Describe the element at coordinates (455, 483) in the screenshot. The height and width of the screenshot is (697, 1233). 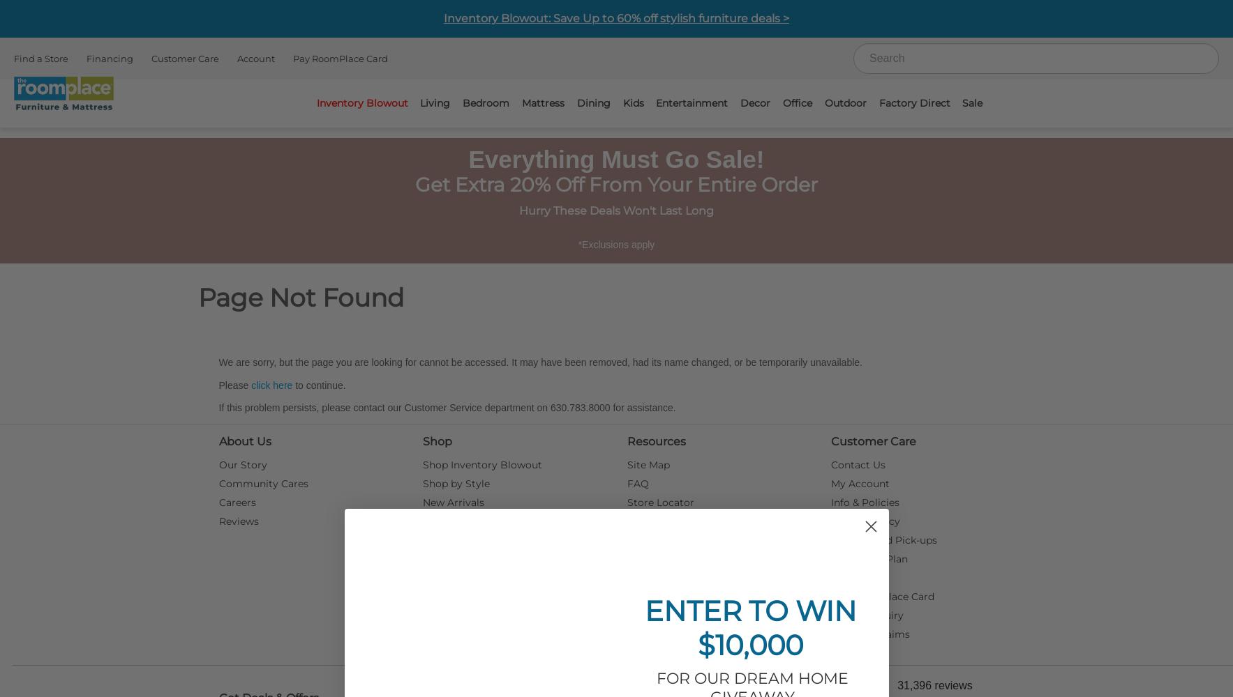
I see `'Shop by Style'` at that location.